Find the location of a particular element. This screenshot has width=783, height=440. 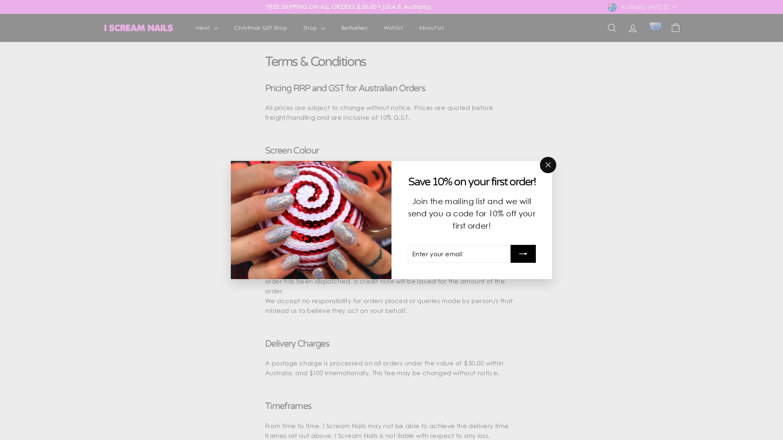

'Wishlist' is located at coordinates (375, 27).